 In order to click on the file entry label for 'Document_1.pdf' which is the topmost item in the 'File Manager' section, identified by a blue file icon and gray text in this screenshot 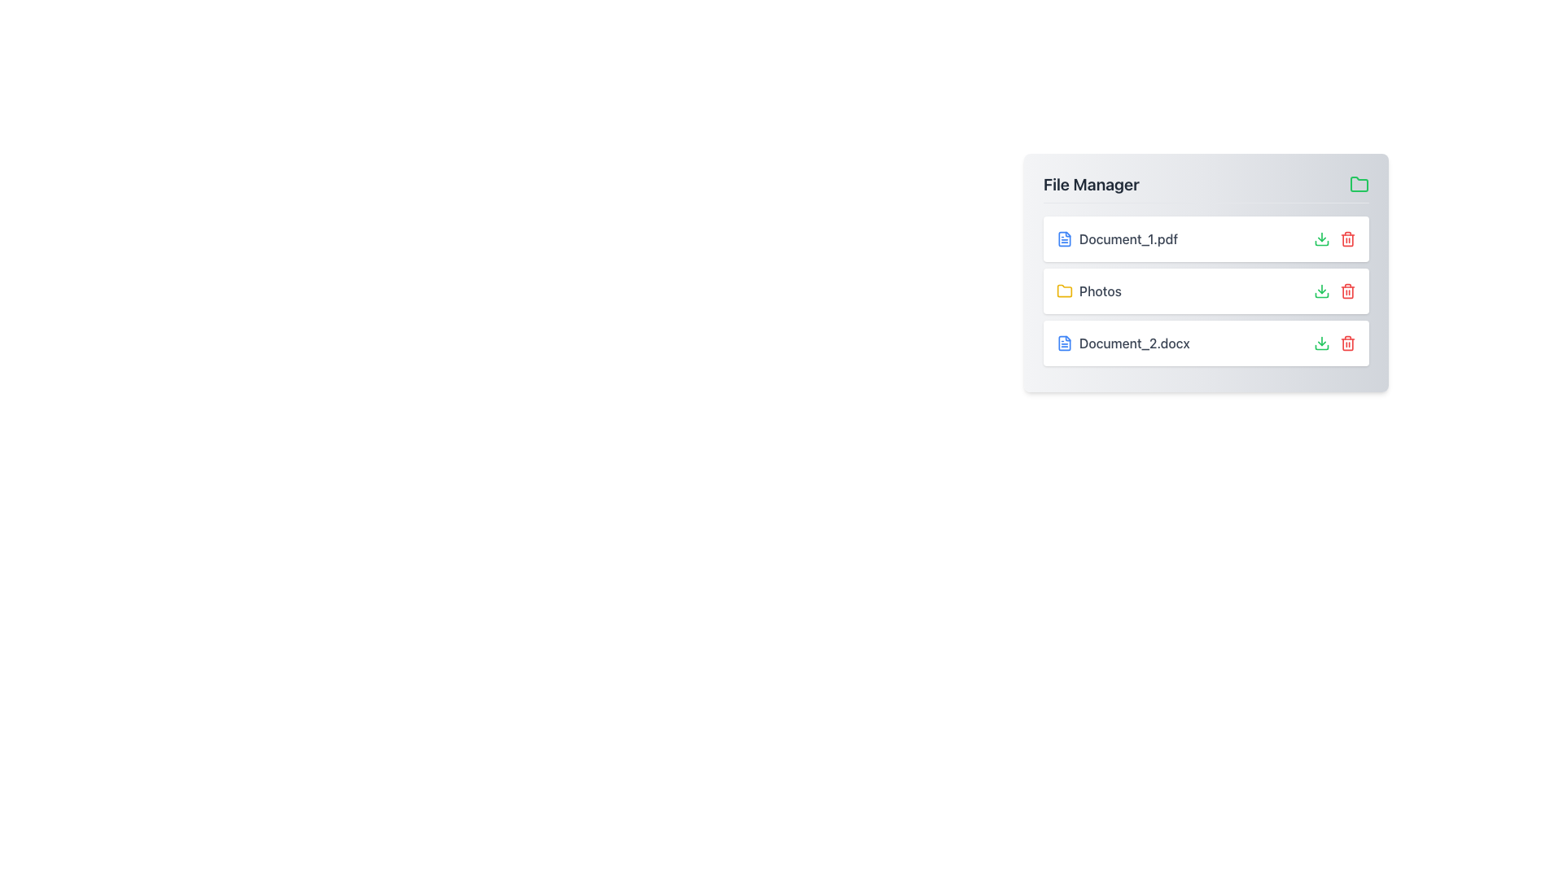, I will do `click(1116, 238)`.